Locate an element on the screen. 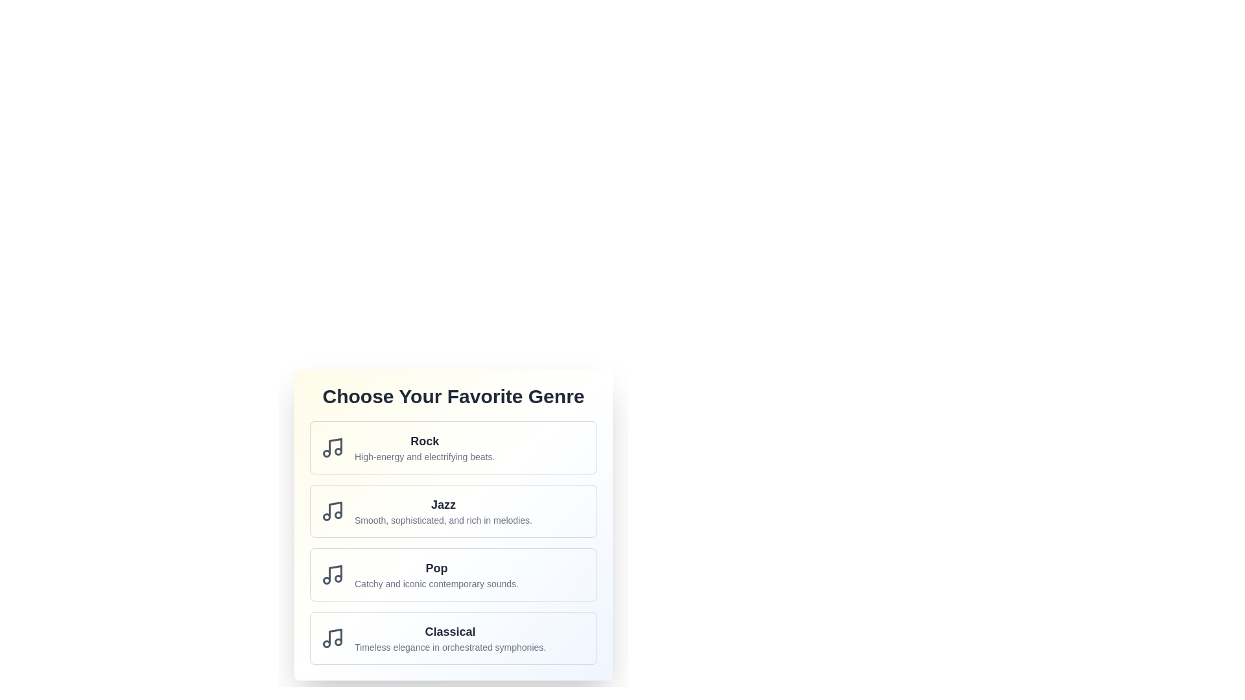 Image resolution: width=1245 pixels, height=700 pixels. the 'Classical' button-like card component using keyboard navigation is located at coordinates (453, 637).